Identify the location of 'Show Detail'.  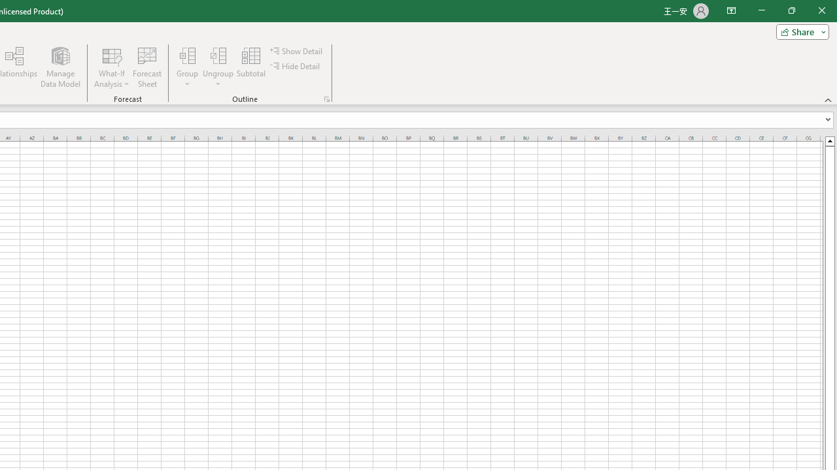
(297, 50).